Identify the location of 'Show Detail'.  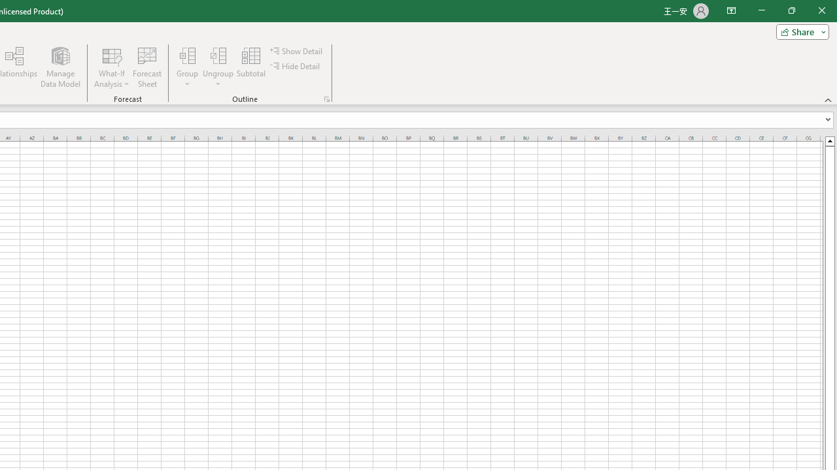
(297, 50).